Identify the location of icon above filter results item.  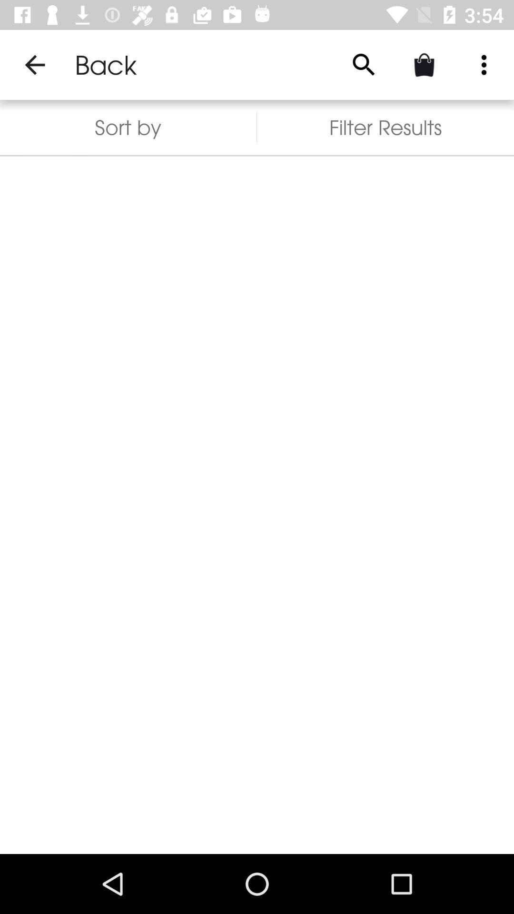
(484, 64).